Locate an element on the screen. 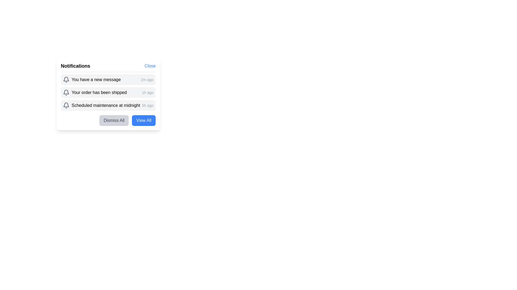 The height and width of the screenshot is (290, 517). the 'Dismiss All' button, which is a rectangular button with a gray background and rounded corners, located at the bottom-right of the notifications panel is located at coordinates (114, 120).